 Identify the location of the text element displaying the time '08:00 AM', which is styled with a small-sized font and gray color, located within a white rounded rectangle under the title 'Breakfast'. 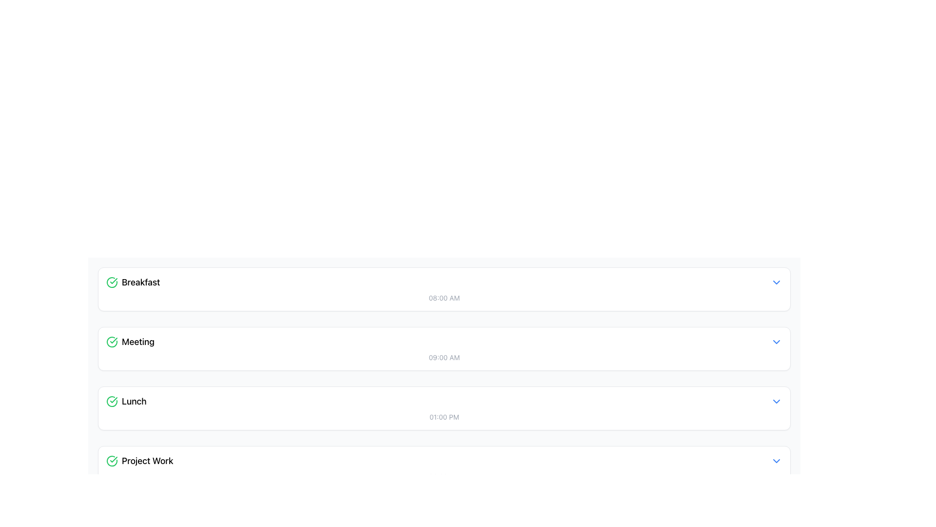
(444, 297).